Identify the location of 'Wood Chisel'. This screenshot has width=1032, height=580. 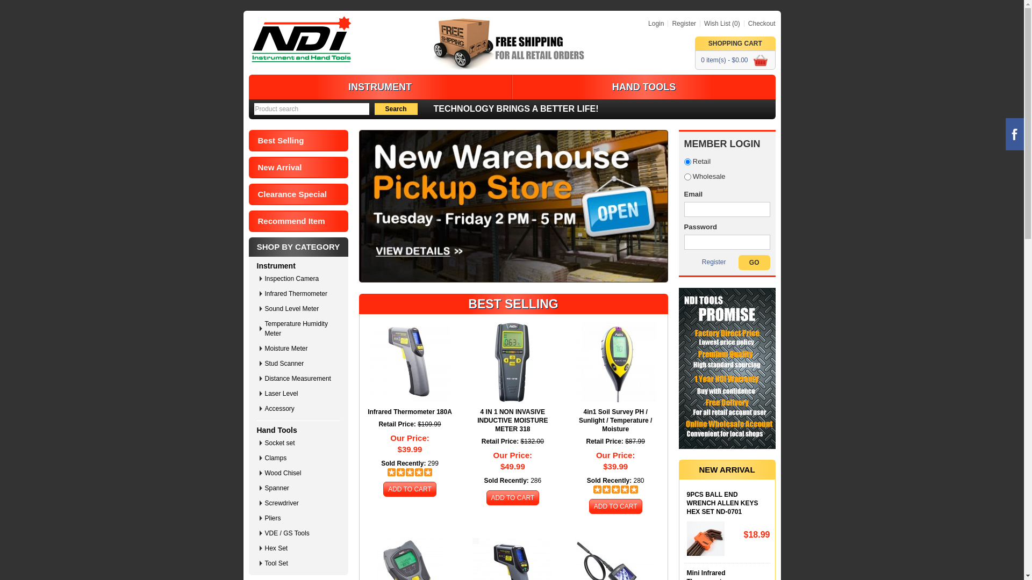
(264, 472).